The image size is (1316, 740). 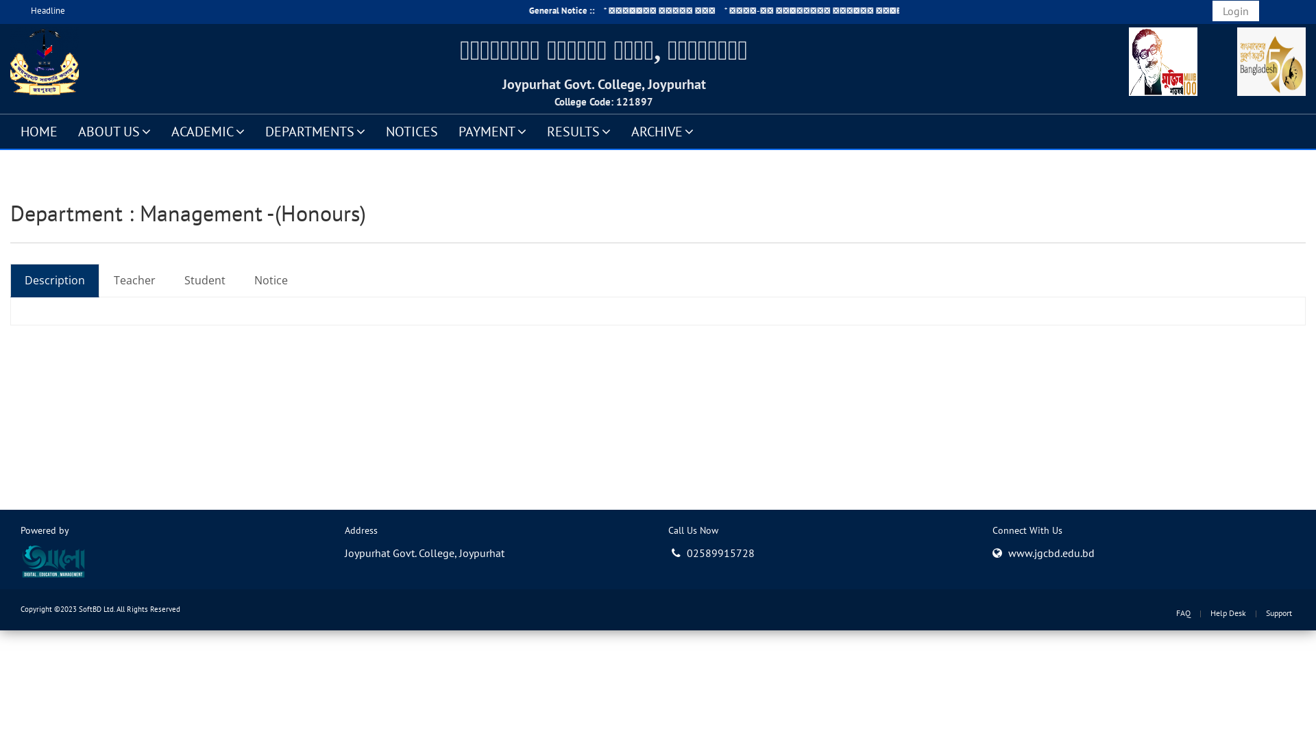 I want to click on 'Login', so click(x=1213, y=10).